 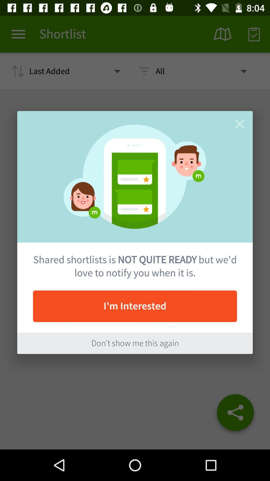 I want to click on the don t show, so click(x=135, y=343).